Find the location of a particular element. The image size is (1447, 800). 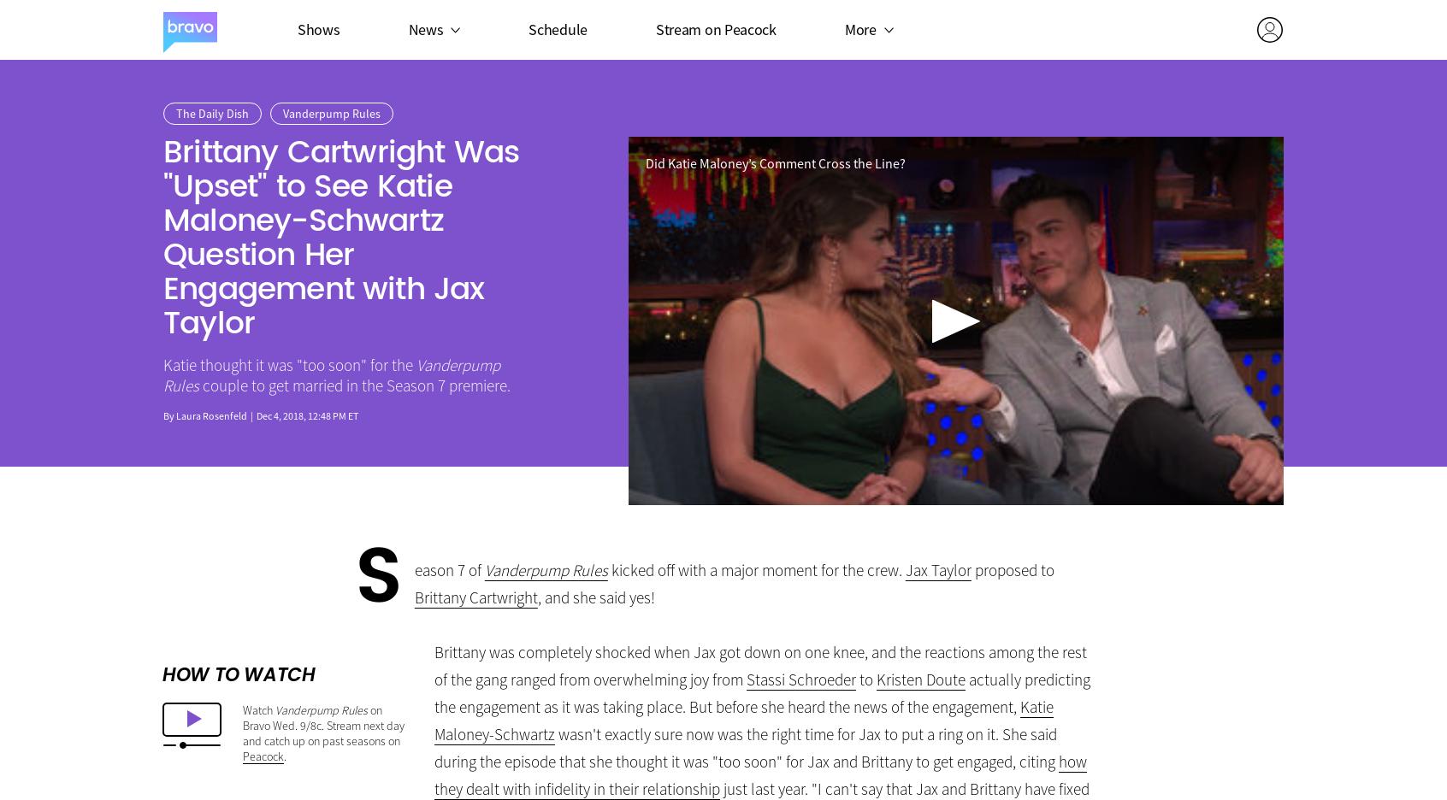

'Katie thought it was "too soon" for the' is located at coordinates (289, 364).